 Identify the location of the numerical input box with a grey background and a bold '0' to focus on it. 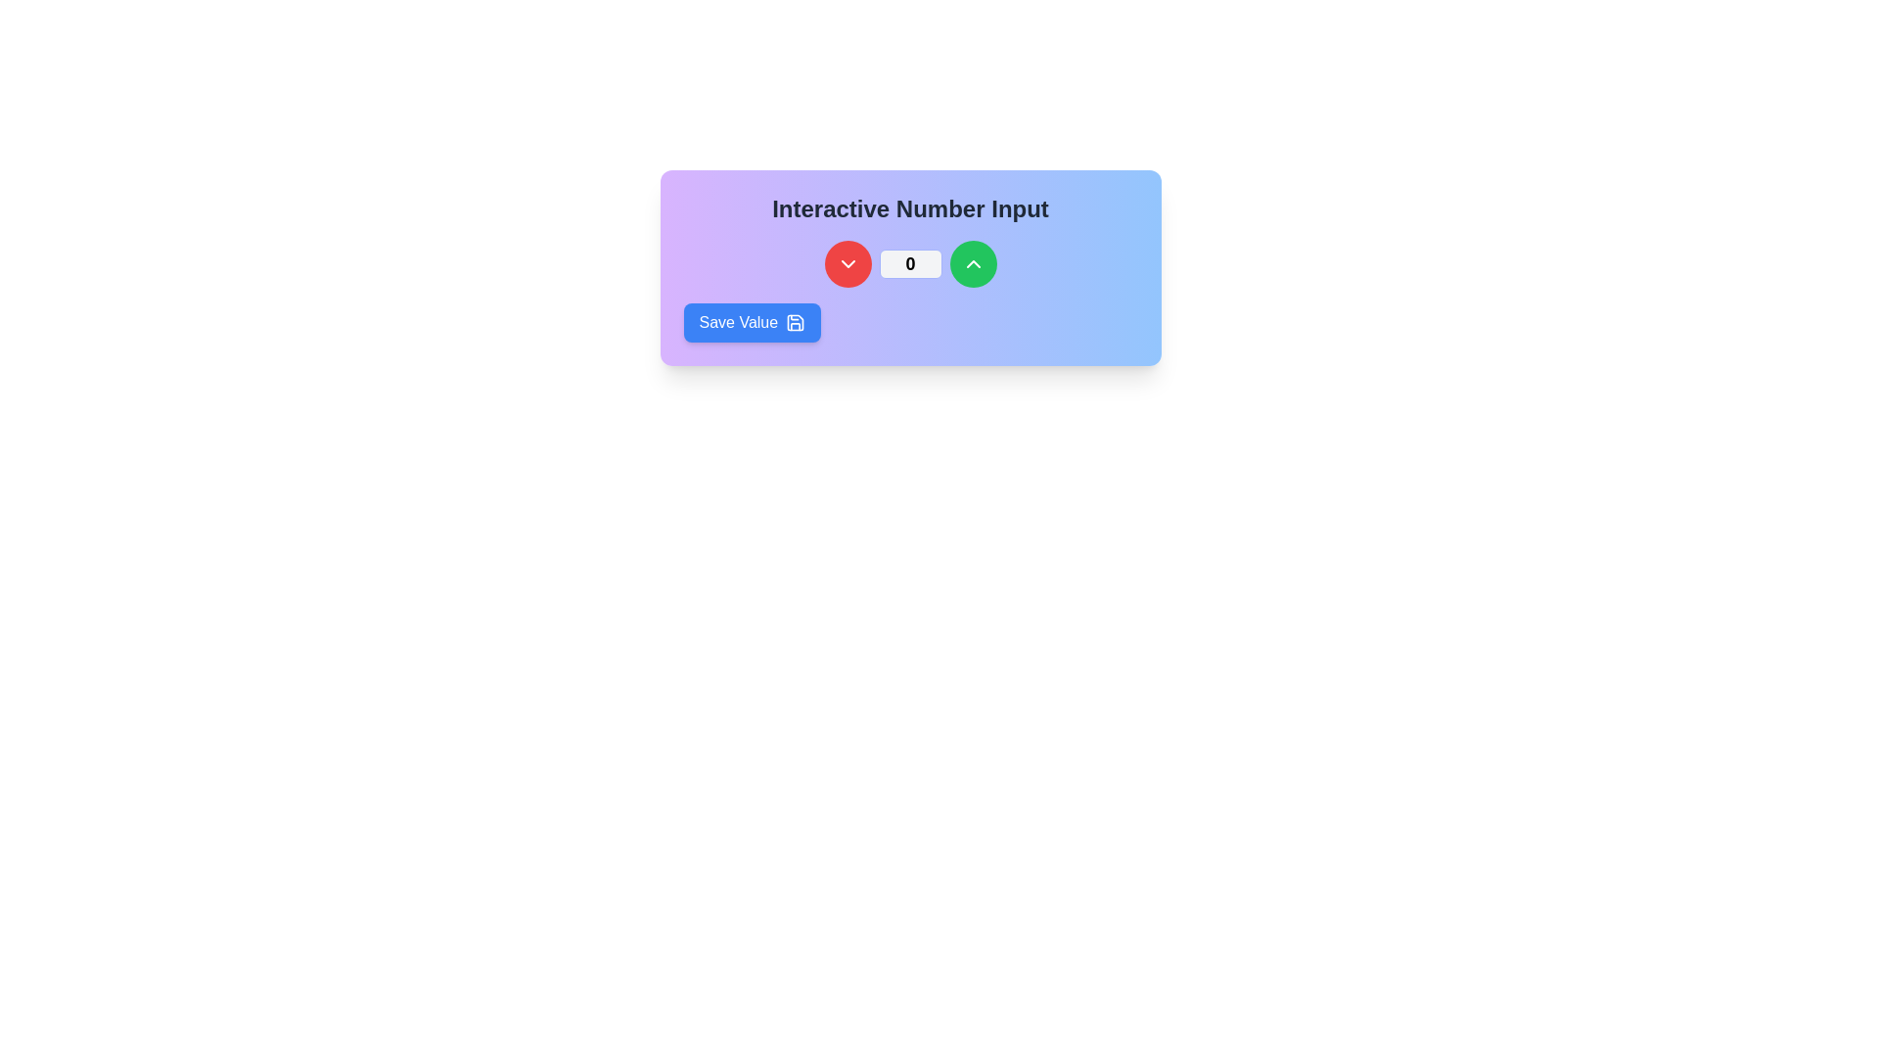
(909, 264).